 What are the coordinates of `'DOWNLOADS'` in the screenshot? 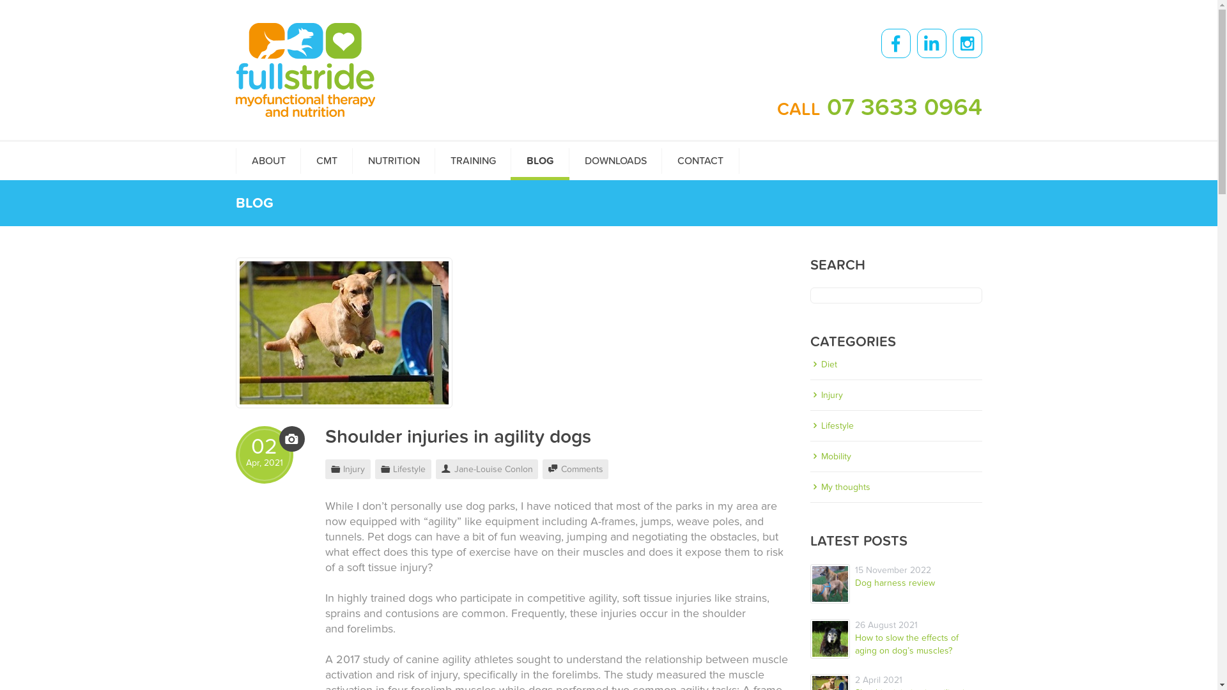 It's located at (615, 160).